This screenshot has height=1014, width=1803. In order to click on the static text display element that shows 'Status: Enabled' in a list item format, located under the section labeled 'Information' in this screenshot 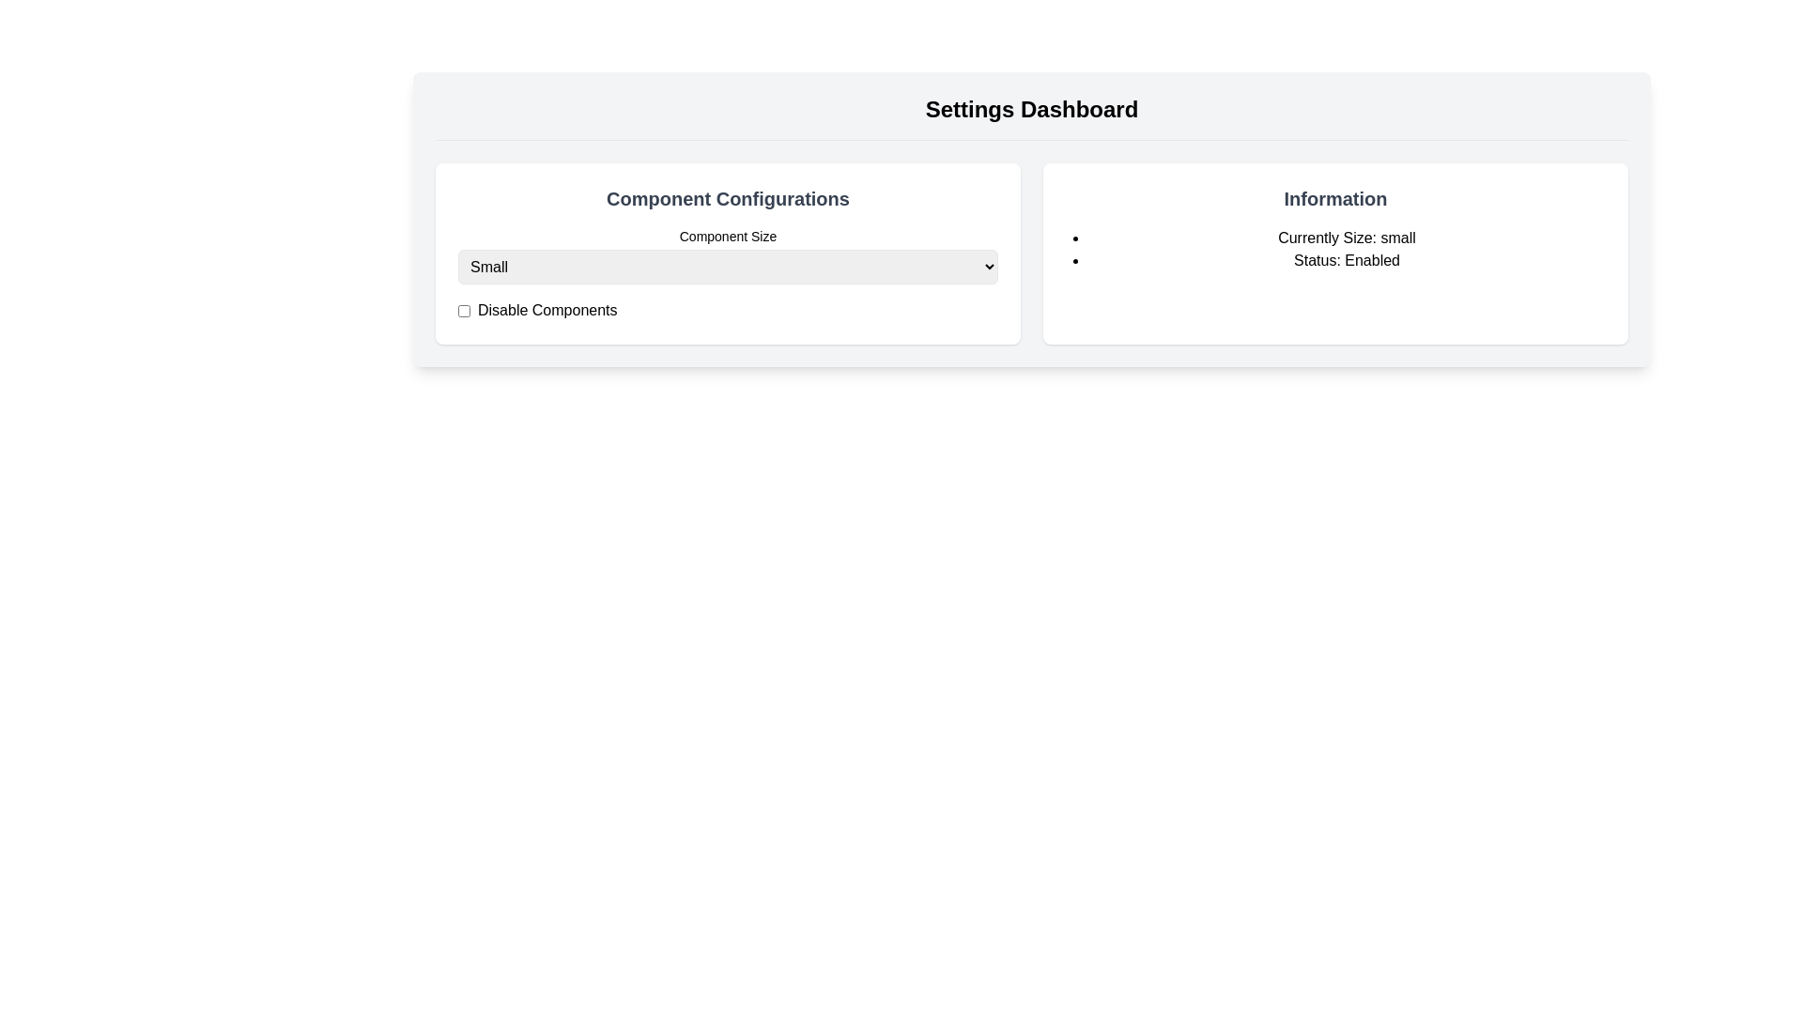, I will do `click(1346, 260)`.